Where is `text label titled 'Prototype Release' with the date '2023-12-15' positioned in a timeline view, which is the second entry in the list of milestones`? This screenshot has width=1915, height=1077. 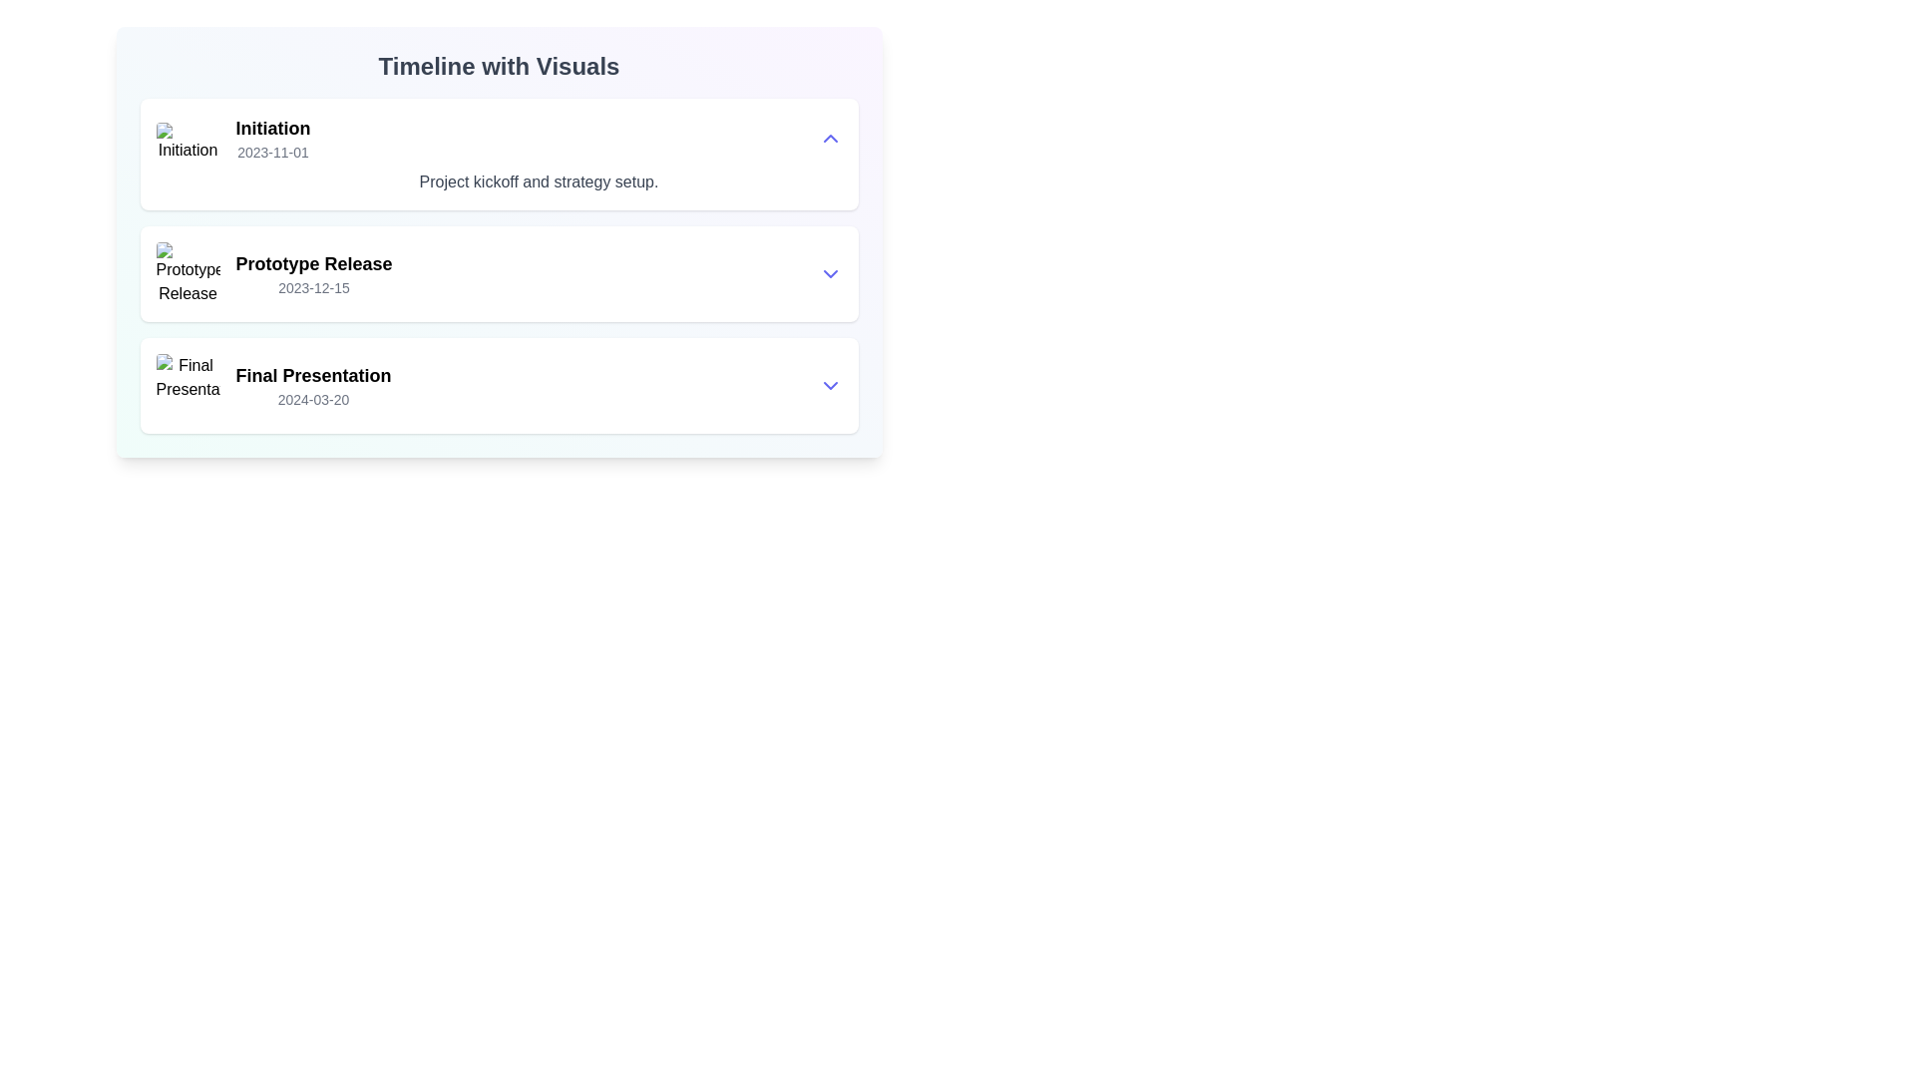
text label titled 'Prototype Release' with the date '2023-12-15' positioned in a timeline view, which is the second entry in the list of milestones is located at coordinates (313, 273).